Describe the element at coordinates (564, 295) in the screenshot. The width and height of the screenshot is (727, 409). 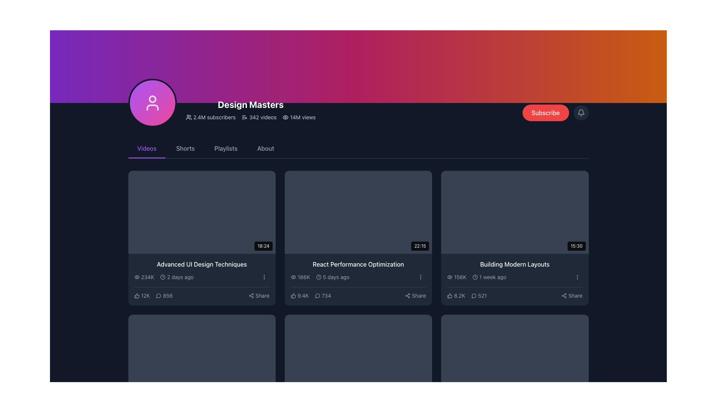
I see `the SVG icon graphic that signifies the sharing functionality within the 'Share' button located in the bottom-right corner of the card for the 'Building Modern Layouts' video` at that location.